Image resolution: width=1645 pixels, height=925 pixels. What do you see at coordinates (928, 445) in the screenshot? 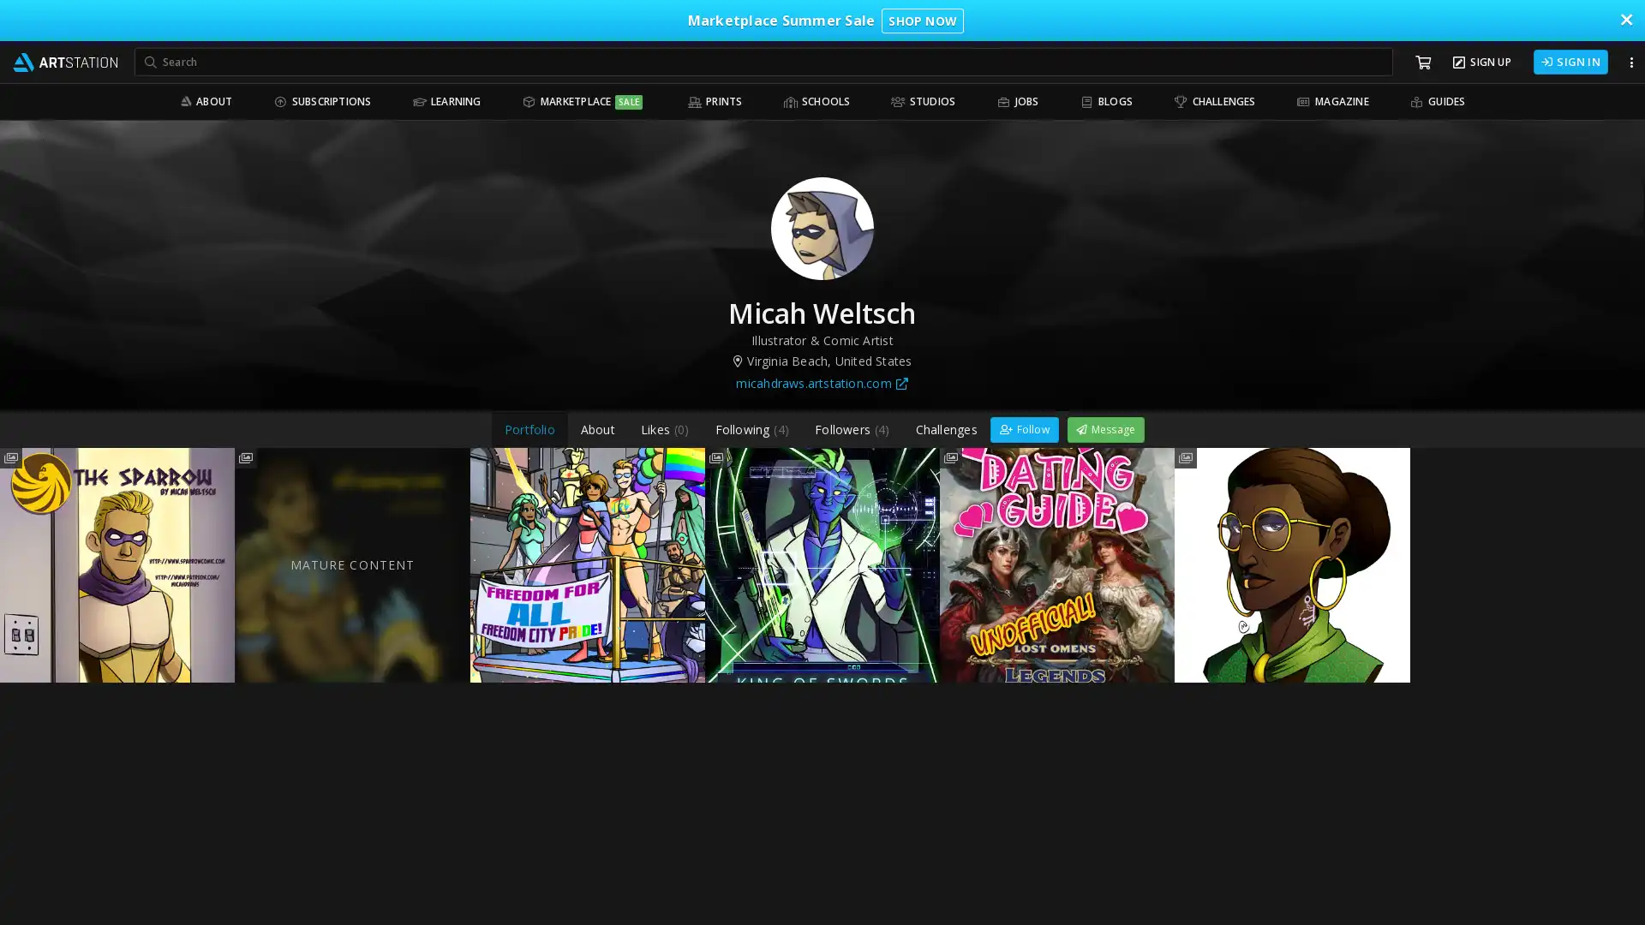
I see `Change to CAD $` at bounding box center [928, 445].